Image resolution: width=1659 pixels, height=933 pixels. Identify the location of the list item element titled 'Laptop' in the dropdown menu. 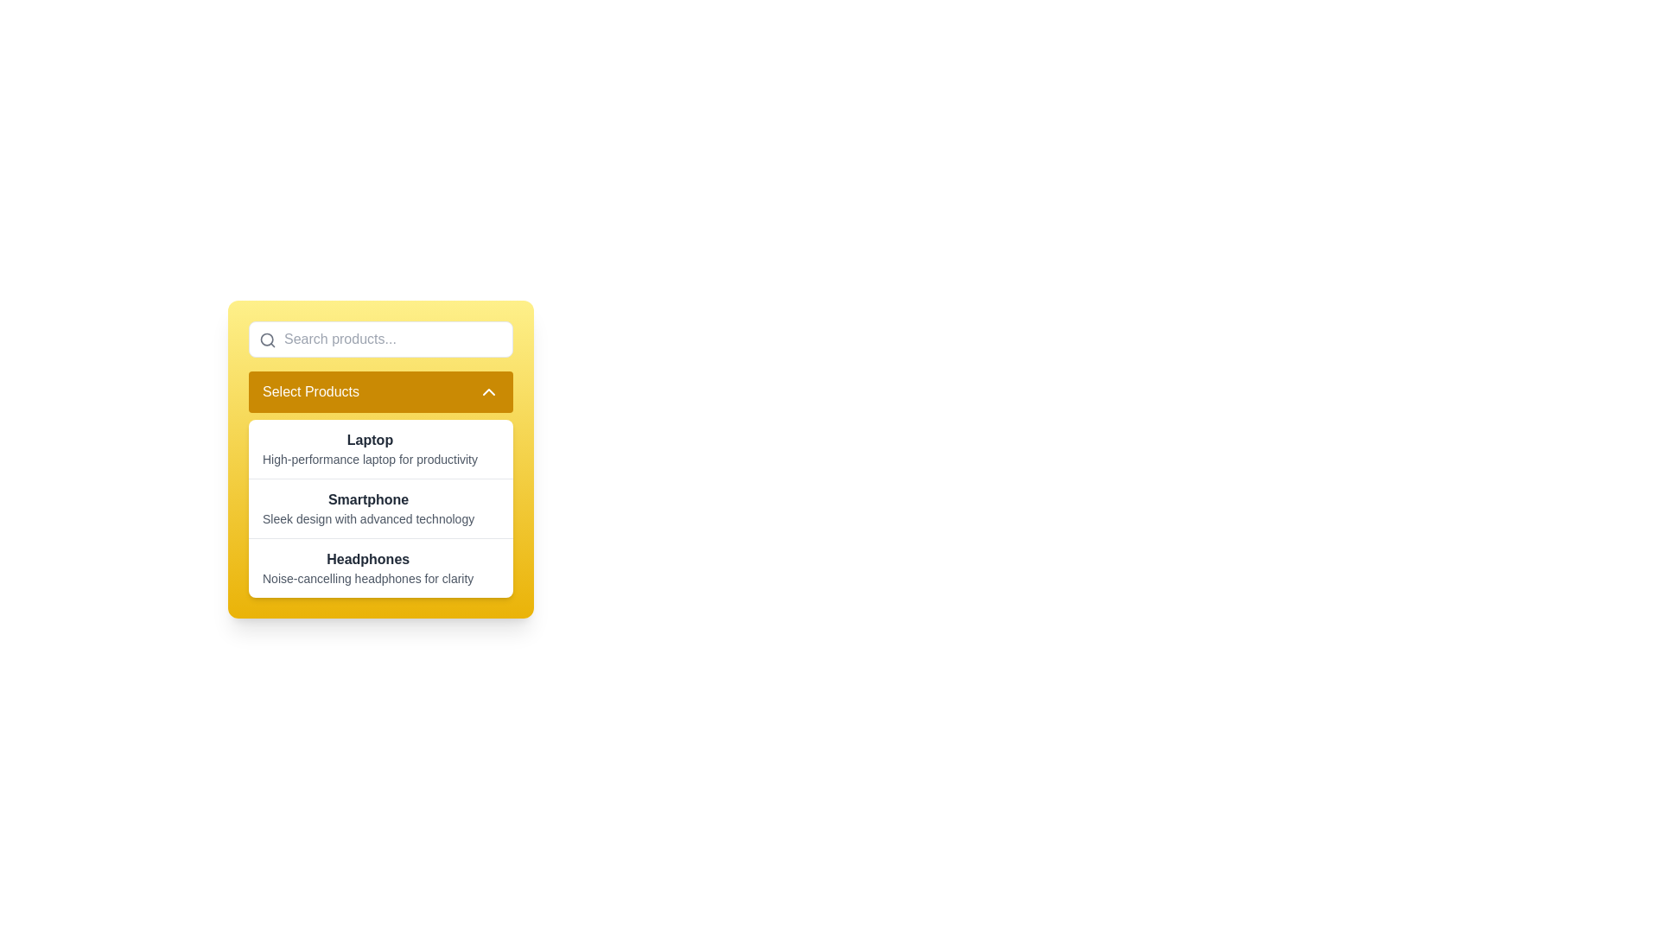
(380, 448).